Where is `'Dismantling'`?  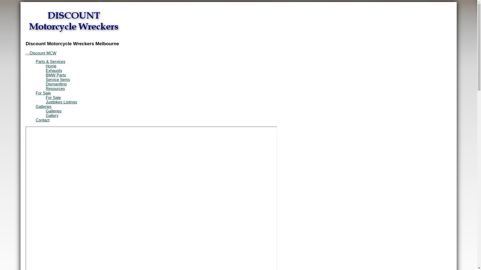 'Dismantling' is located at coordinates (46, 84).